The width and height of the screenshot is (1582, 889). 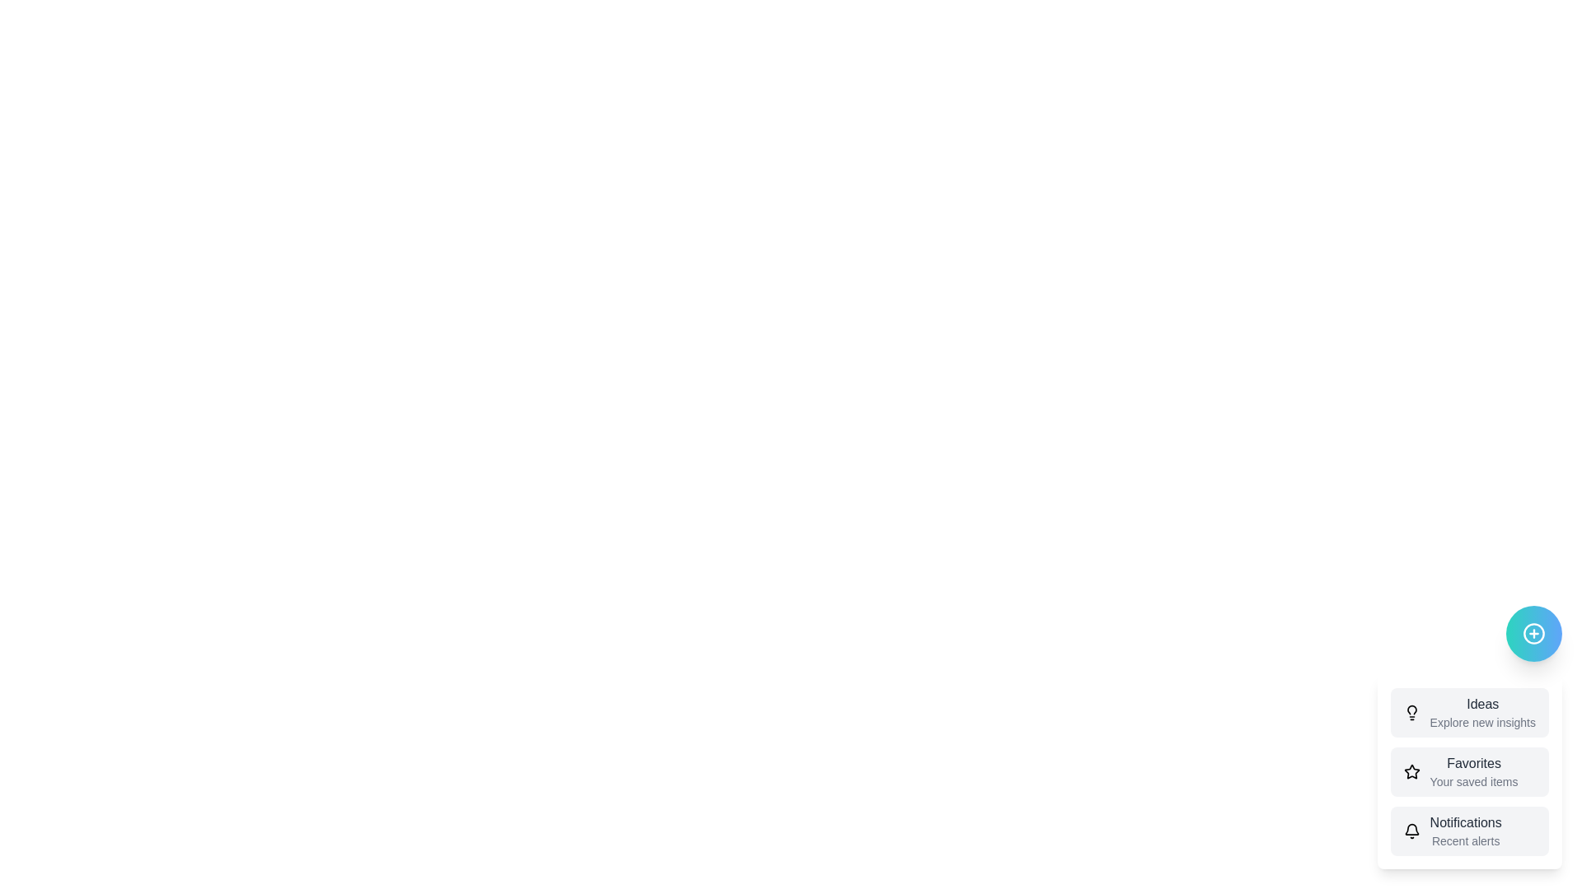 I want to click on the text label that says 'Your saved items', which is styled with a small font size and gray color, located below the heading 'Favorites', so click(x=1474, y=780).